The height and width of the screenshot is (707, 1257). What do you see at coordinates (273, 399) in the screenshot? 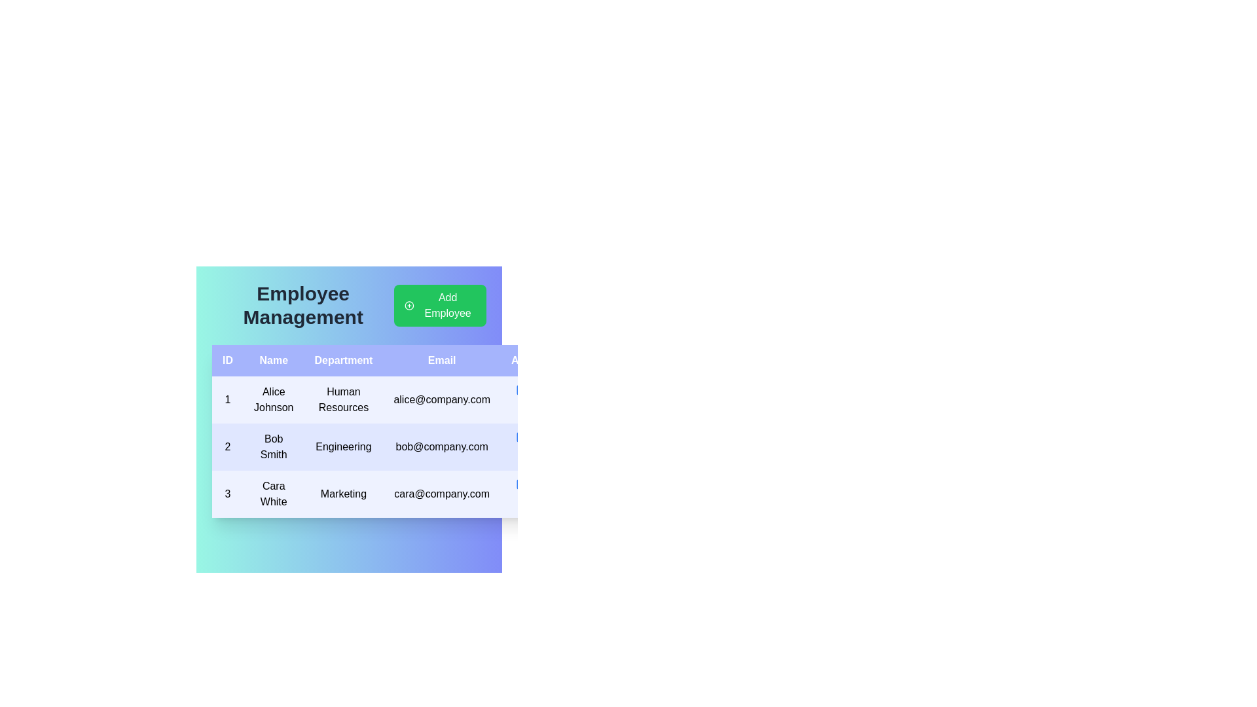
I see `text 'Alice Johnson' displayed in the second column of the table, which is center aligned and styled in black against a light gray or white background` at bounding box center [273, 399].